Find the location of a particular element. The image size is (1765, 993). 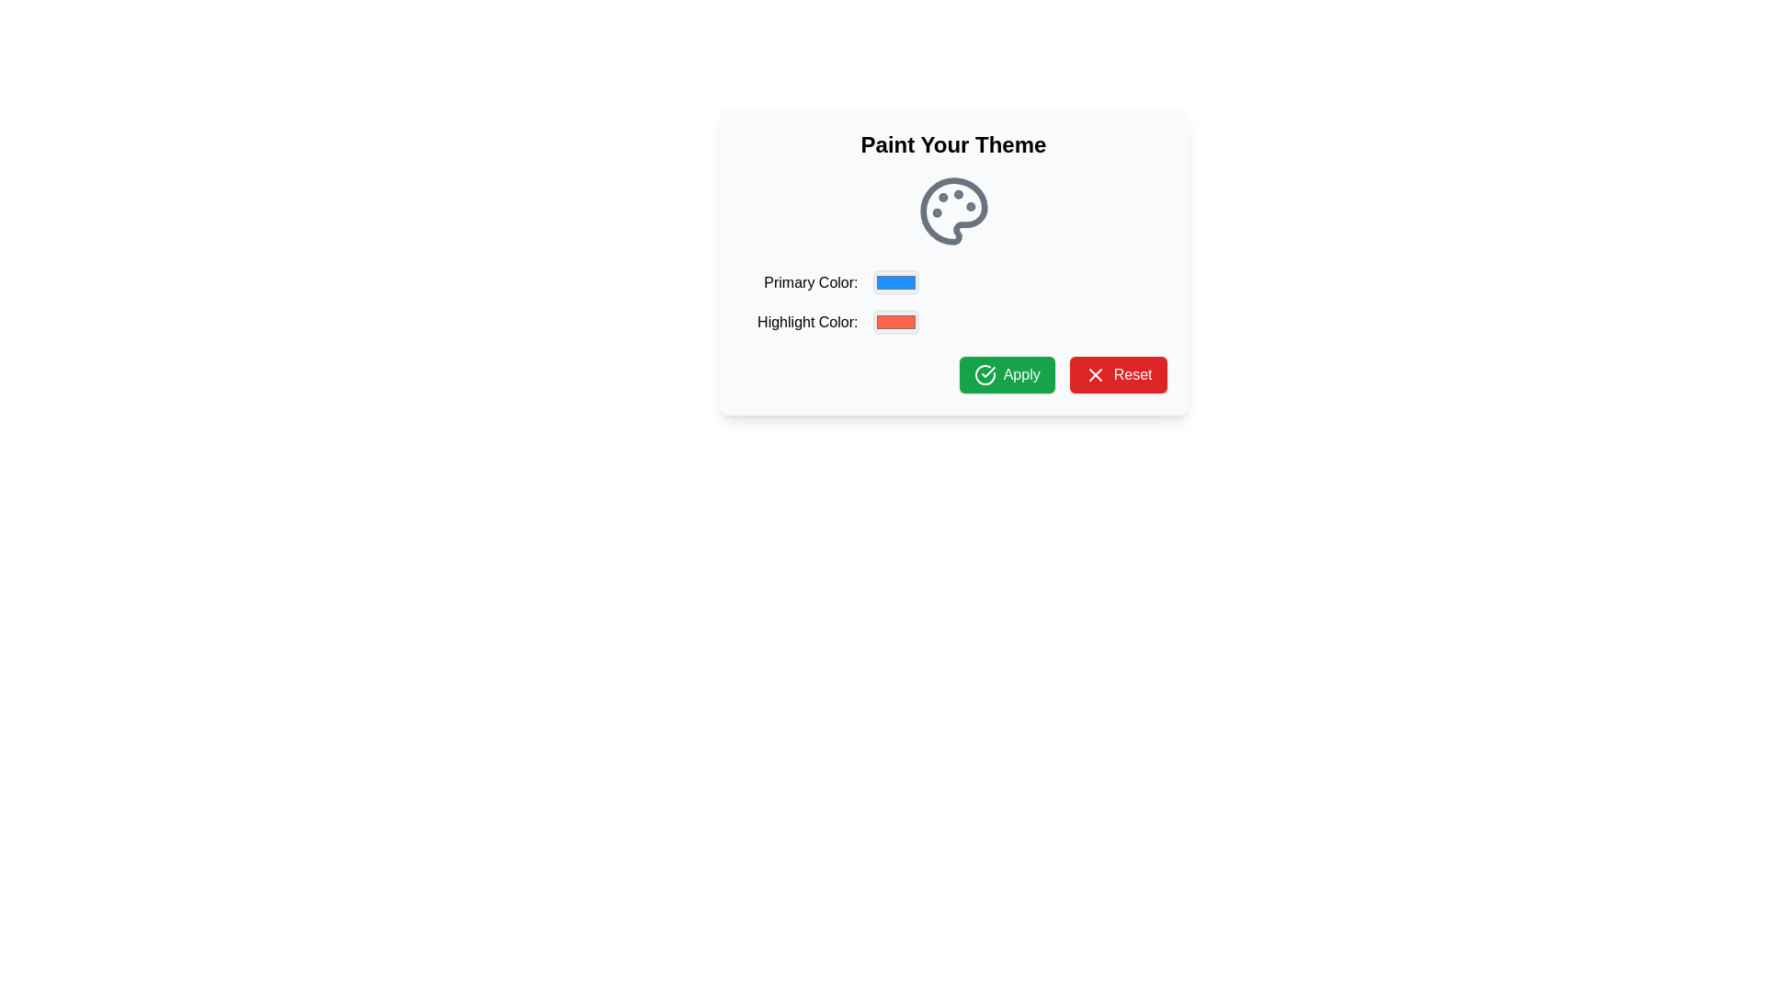

the vibrant orange color input field with rounded corners, located to the right of the 'Highlight Color:' label is located at coordinates (895, 321).